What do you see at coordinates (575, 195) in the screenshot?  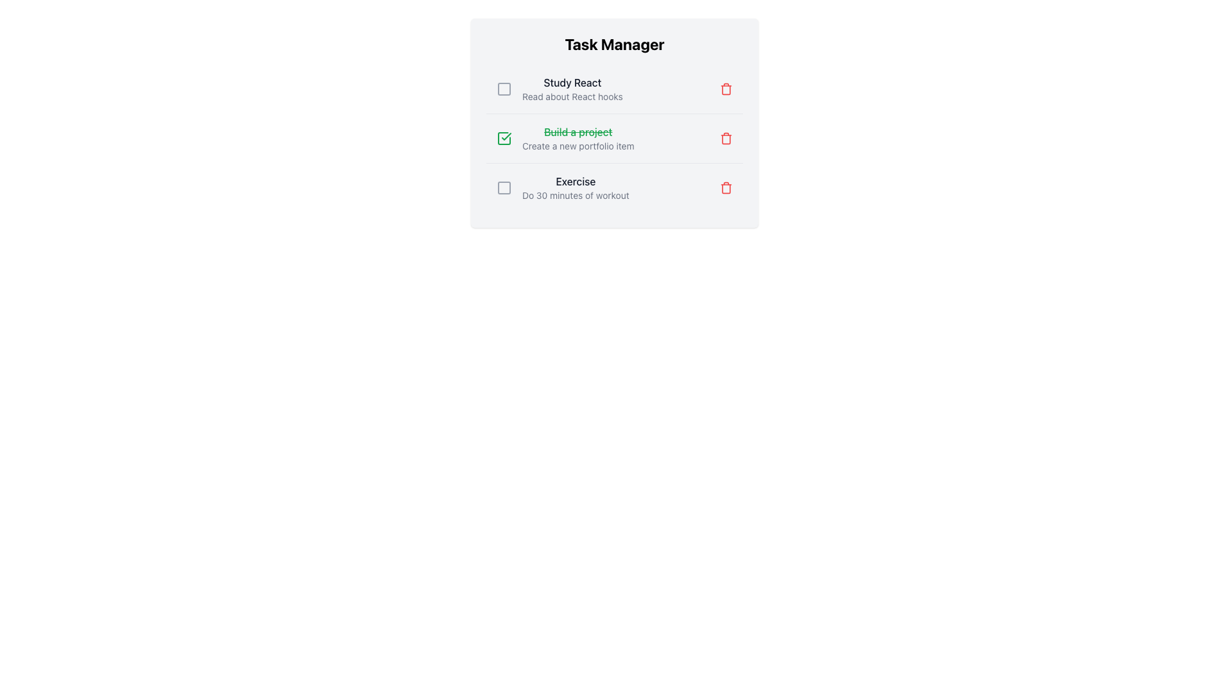 I see `the text label that provides additional information for the task 'Exercise', located below the title 'Exercise' in the task manager interface` at bounding box center [575, 195].